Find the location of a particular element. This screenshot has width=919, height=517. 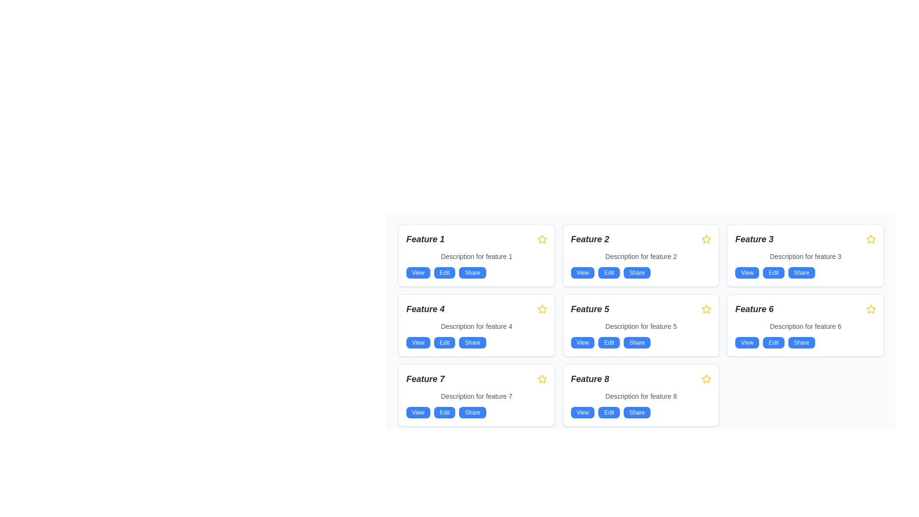

the share button located at the bottom right of the 'Feature 3' card is located at coordinates (801, 273).